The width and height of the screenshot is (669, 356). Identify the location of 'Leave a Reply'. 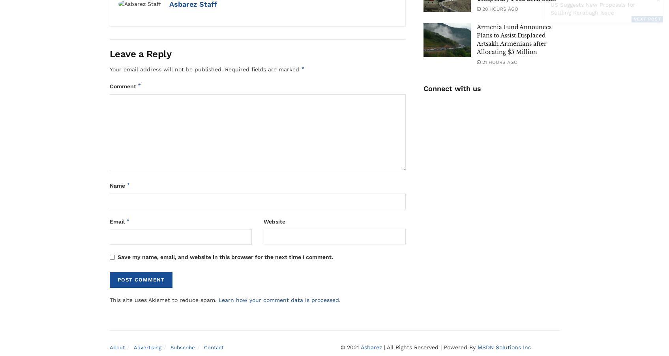
(140, 53).